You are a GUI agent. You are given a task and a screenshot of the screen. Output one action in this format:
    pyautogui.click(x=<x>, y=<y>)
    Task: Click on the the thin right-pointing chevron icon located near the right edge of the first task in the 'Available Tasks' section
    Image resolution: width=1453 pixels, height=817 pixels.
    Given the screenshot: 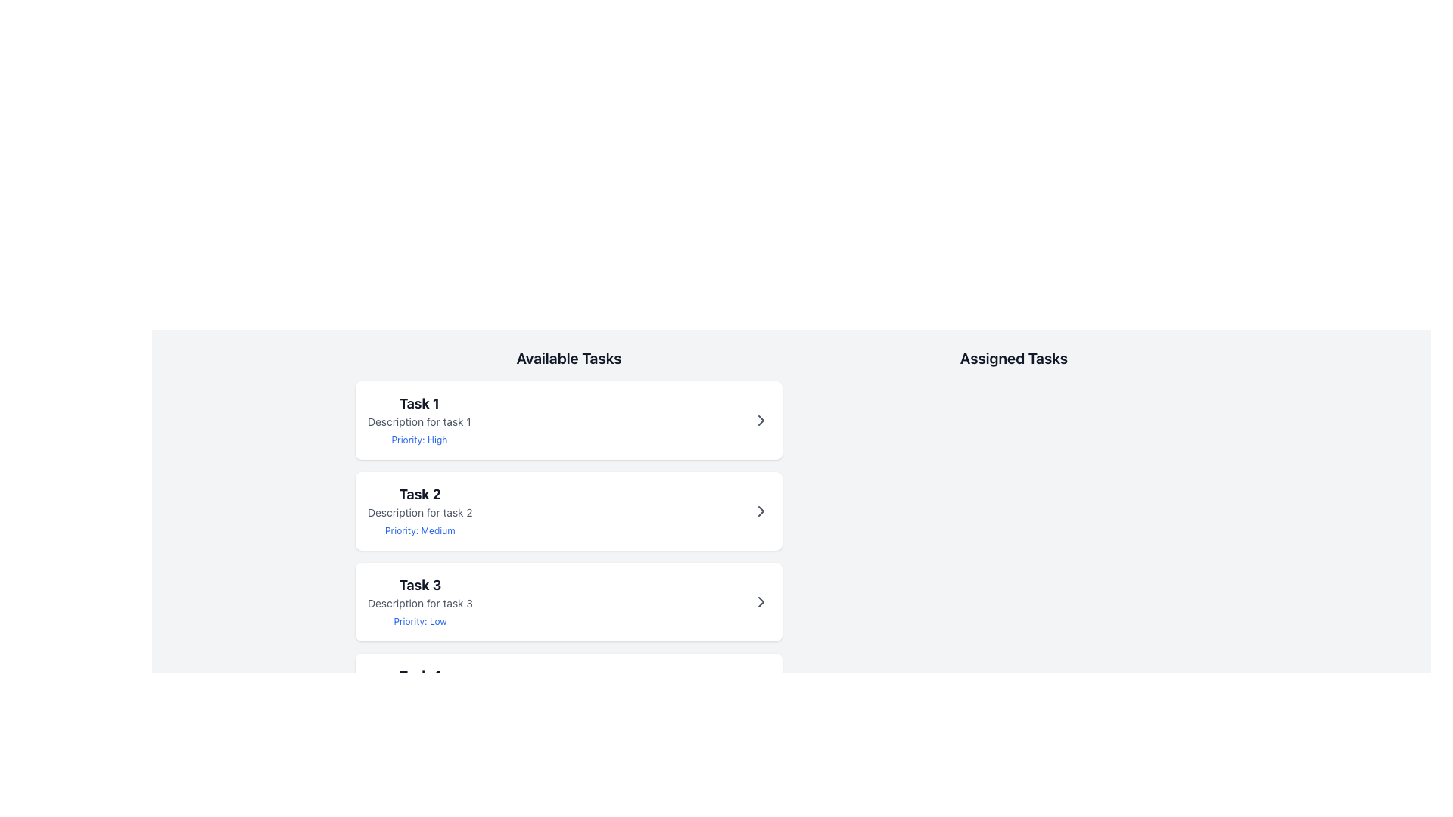 What is the action you would take?
    pyautogui.click(x=761, y=420)
    